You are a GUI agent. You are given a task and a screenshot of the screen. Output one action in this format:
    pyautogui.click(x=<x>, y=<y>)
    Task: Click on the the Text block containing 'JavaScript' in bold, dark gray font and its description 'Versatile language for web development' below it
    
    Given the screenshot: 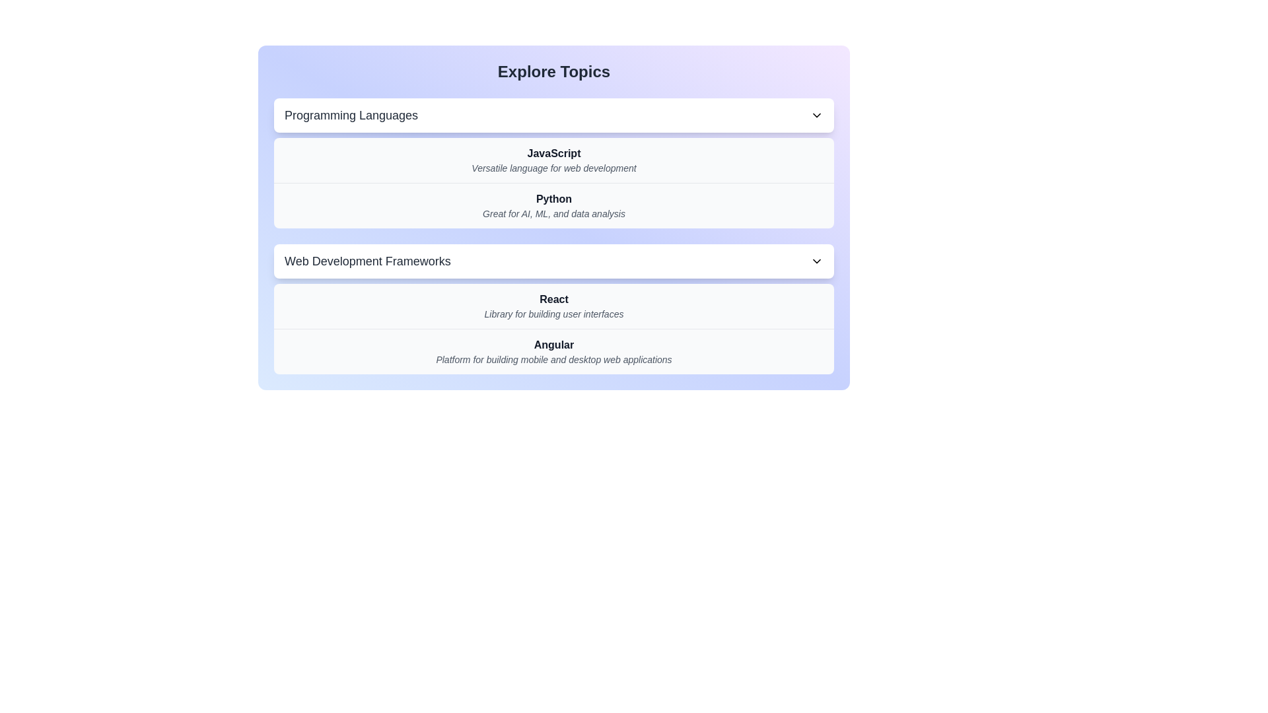 What is the action you would take?
    pyautogui.click(x=554, y=160)
    